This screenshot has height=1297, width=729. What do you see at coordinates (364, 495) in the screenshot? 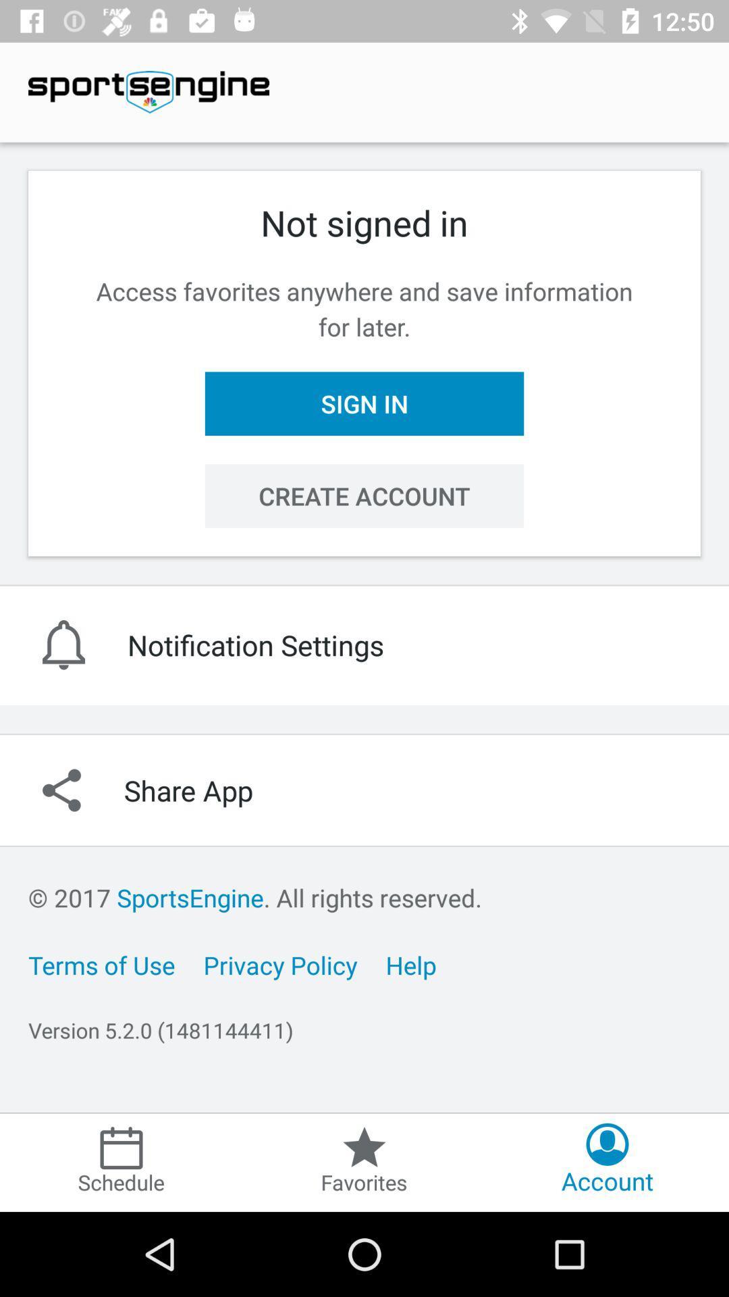
I see `item above the notification settings icon` at bounding box center [364, 495].